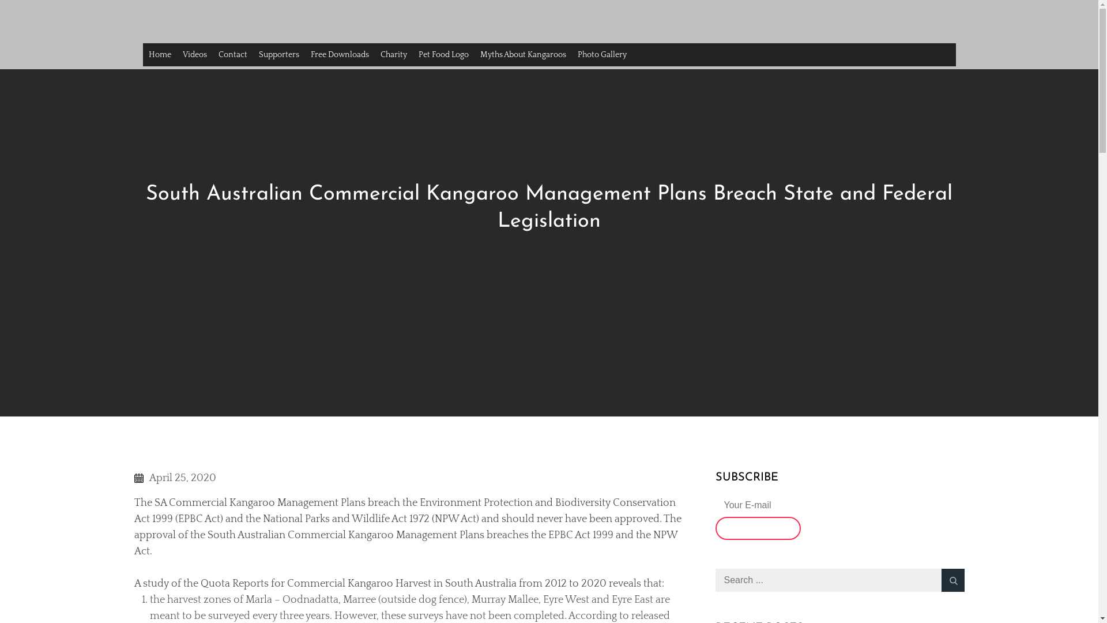  I want to click on 'Skip to content', so click(0, 0).